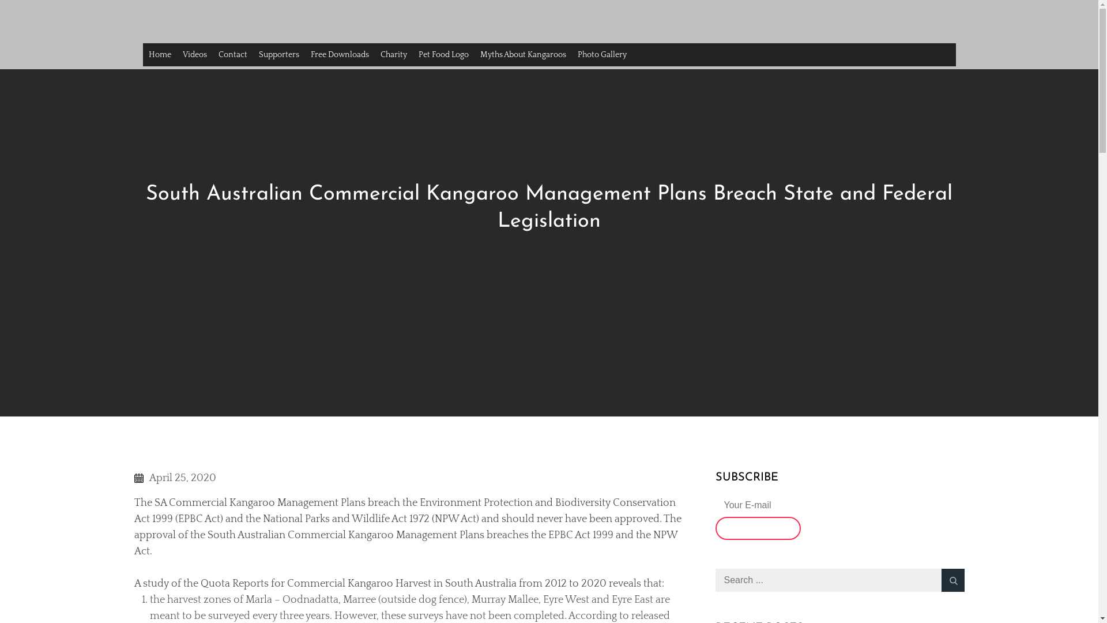  I want to click on 'Skip to content', so click(0, 0).